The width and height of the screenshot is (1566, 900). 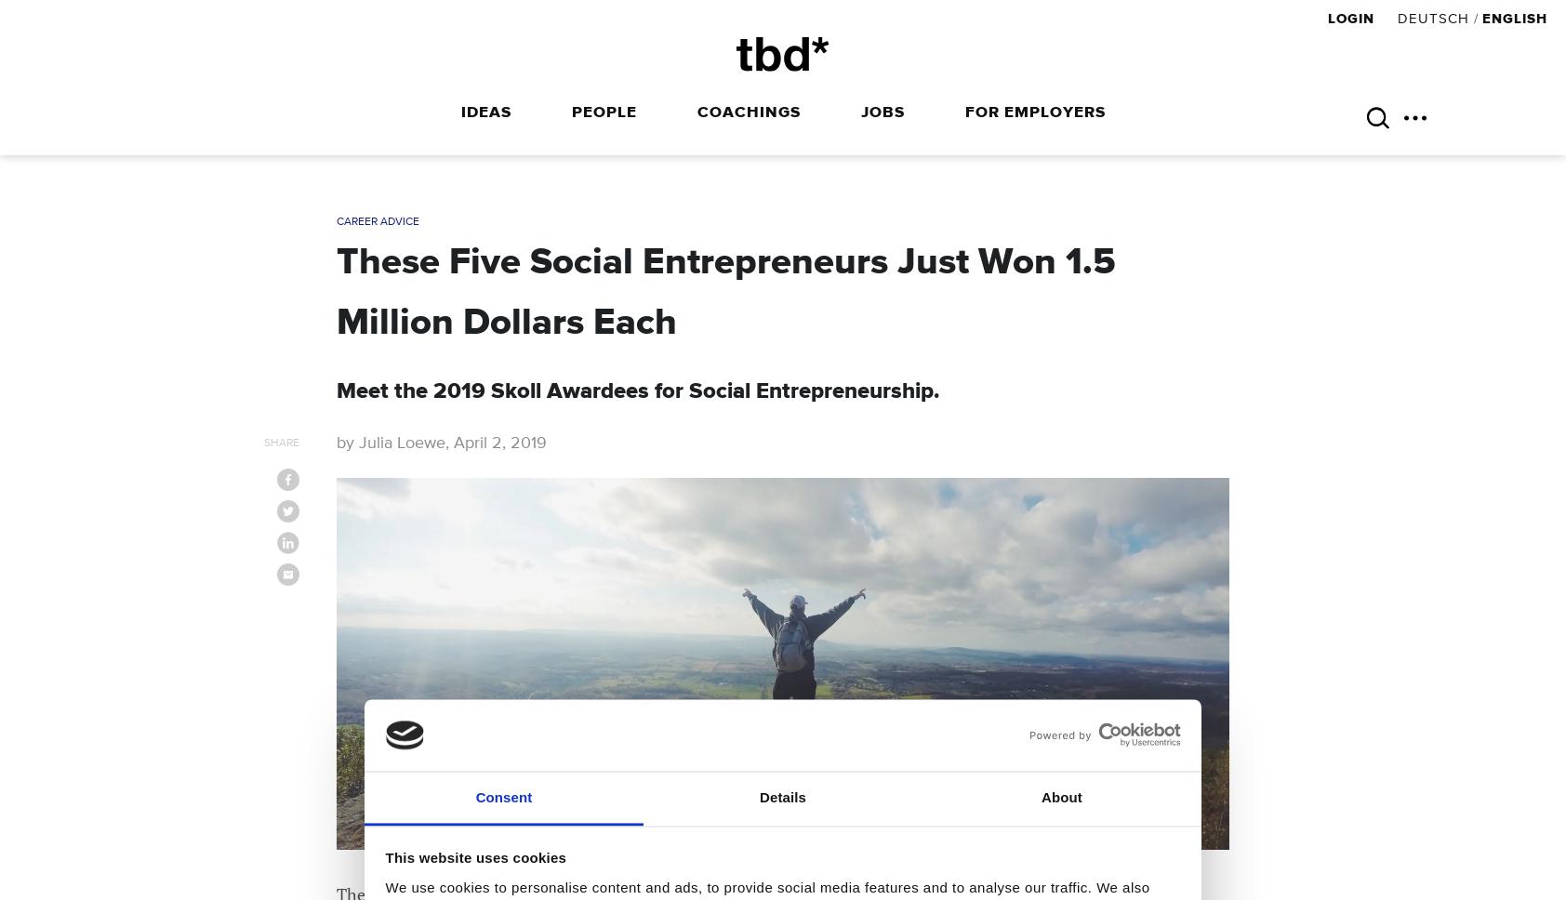 What do you see at coordinates (112, 218) in the screenshot?
I see `'Header More EN'` at bounding box center [112, 218].